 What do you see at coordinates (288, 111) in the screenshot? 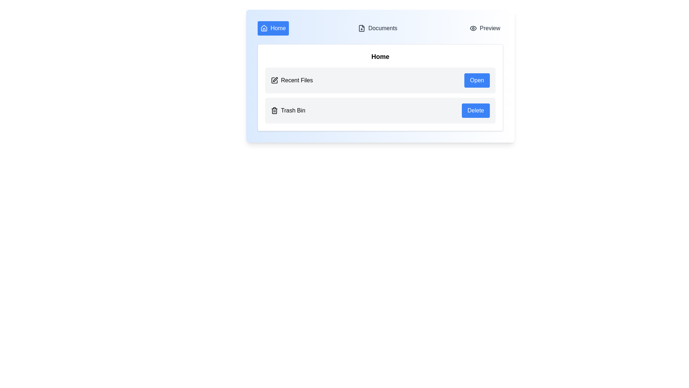
I see `the Text label identifying the 'Trash Bin', which is located in the second row of a vertically stacked list, adjacent to a delete button on the right and an icon on the left` at bounding box center [288, 111].